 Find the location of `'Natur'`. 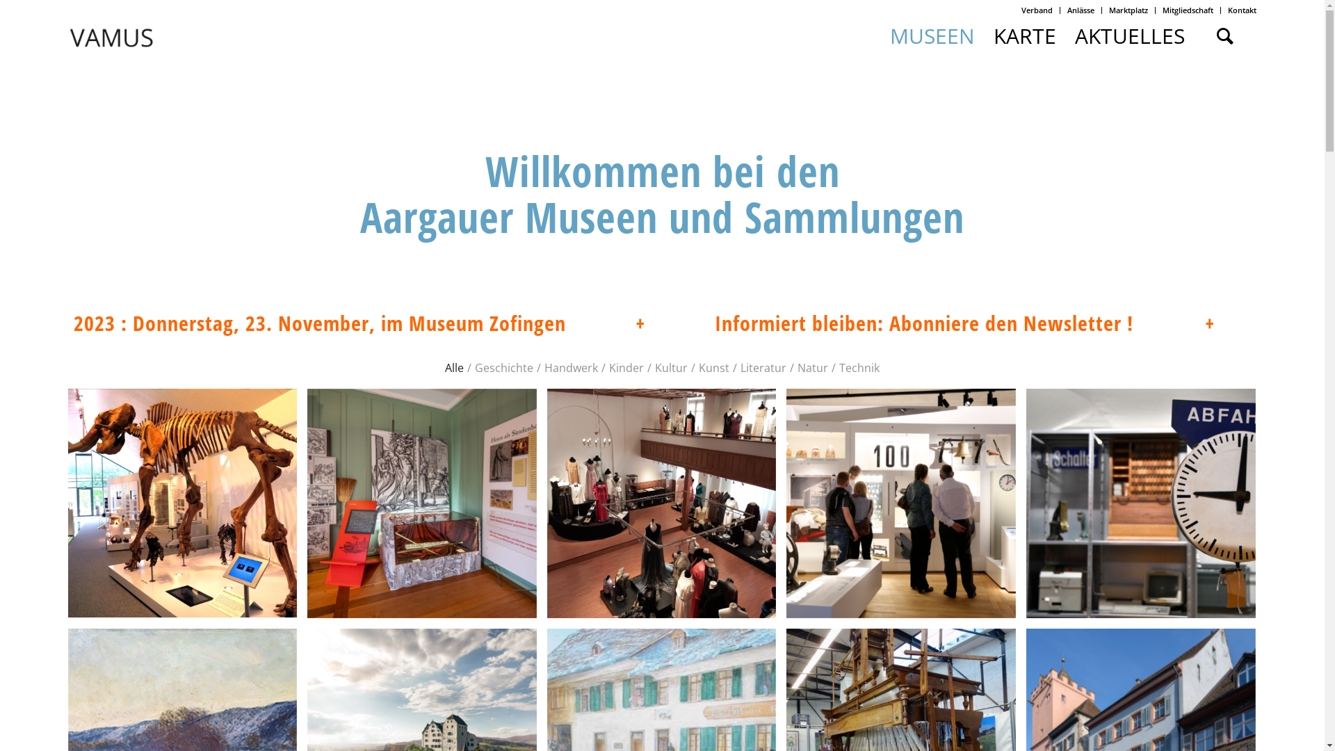

'Natur' is located at coordinates (798, 350).